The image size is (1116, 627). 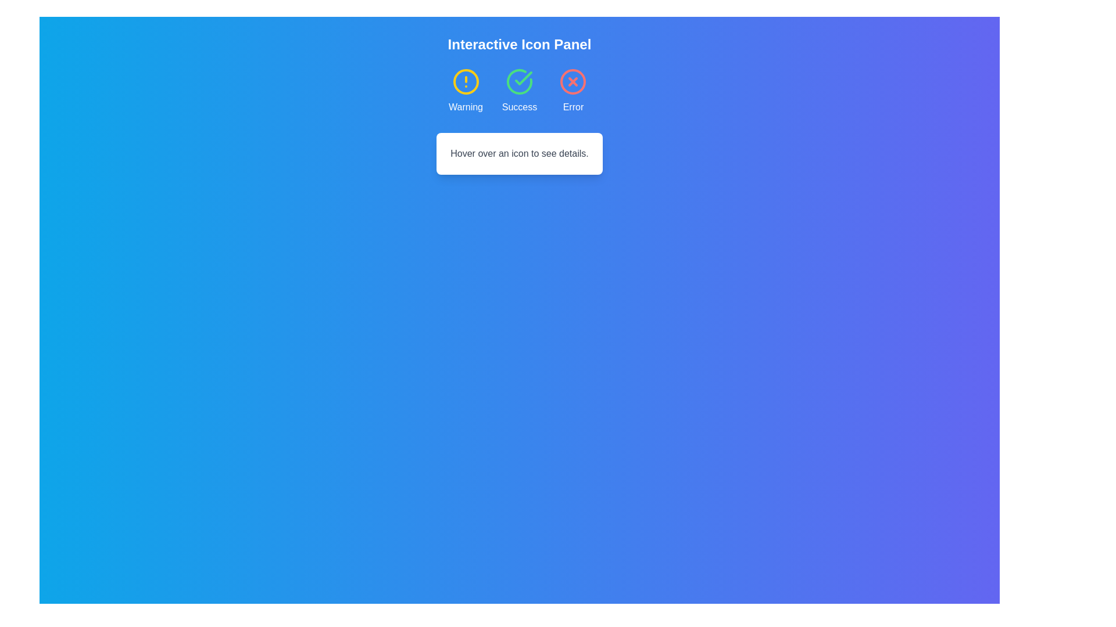 I want to click on the error indicator icon located at the top right of the three-column grid layout, so click(x=573, y=91).